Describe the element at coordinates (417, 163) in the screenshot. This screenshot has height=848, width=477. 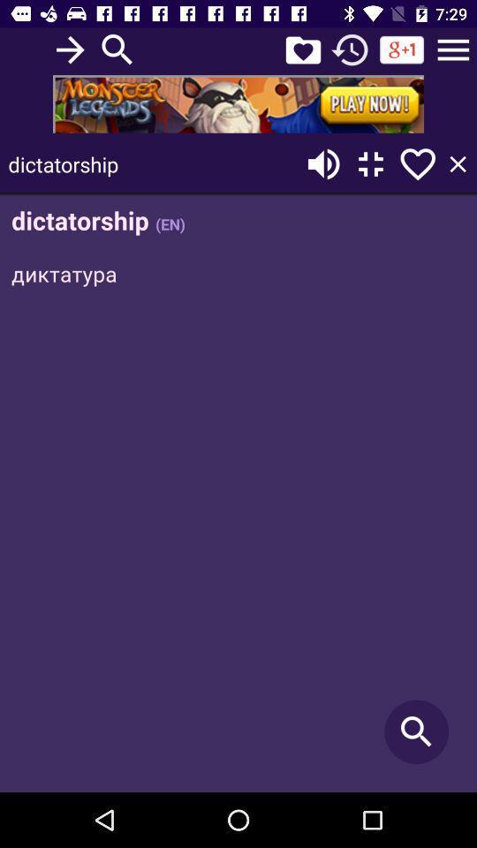
I see `this word` at that location.